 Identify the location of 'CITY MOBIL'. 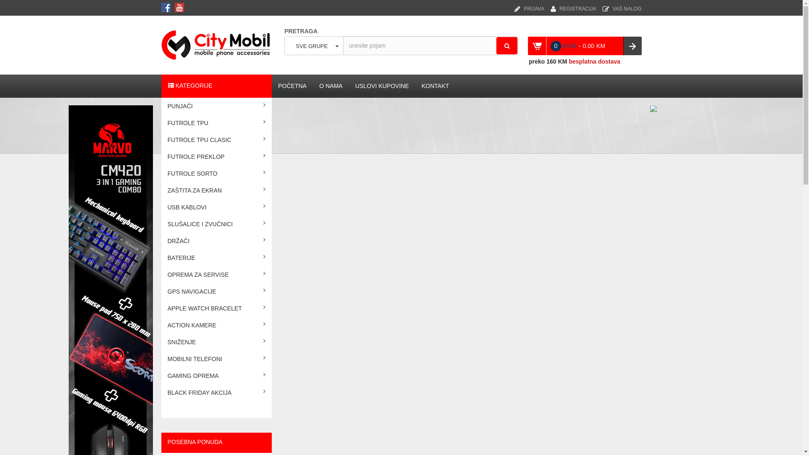
(218, 44).